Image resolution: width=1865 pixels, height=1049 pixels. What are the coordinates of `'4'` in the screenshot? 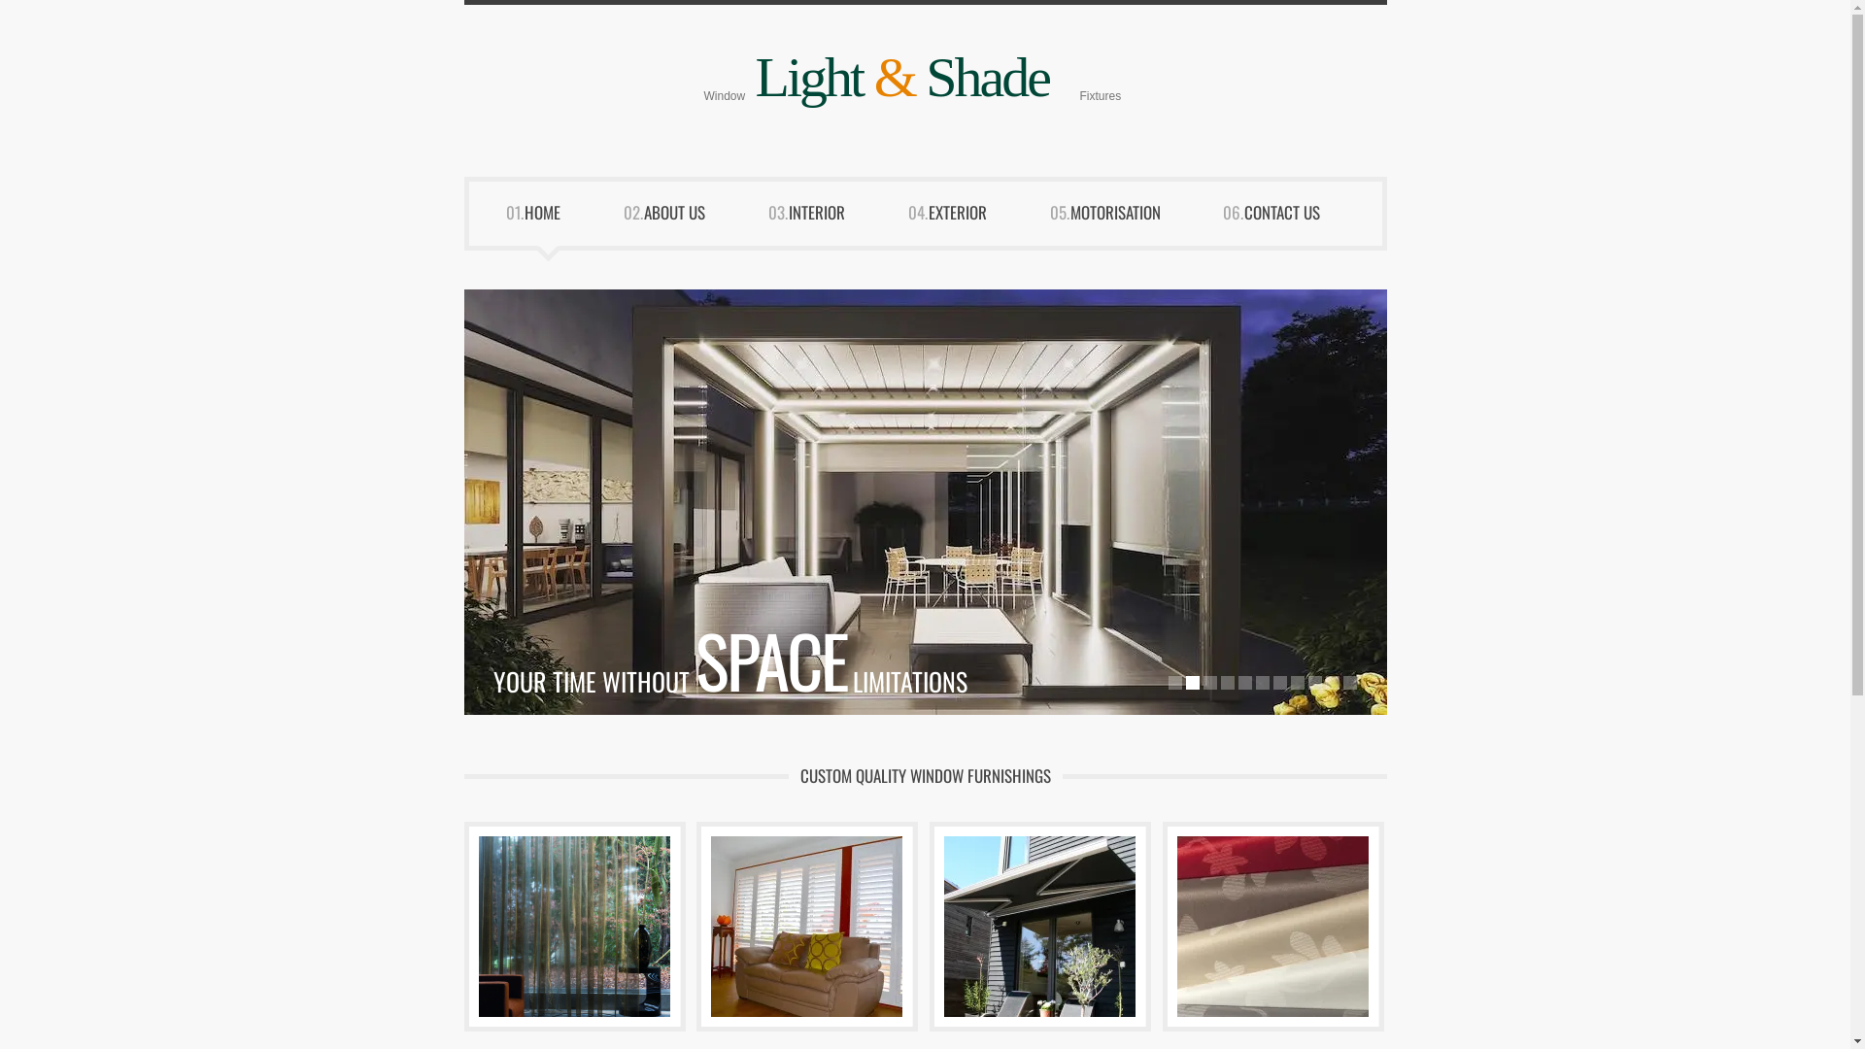 It's located at (1225, 681).